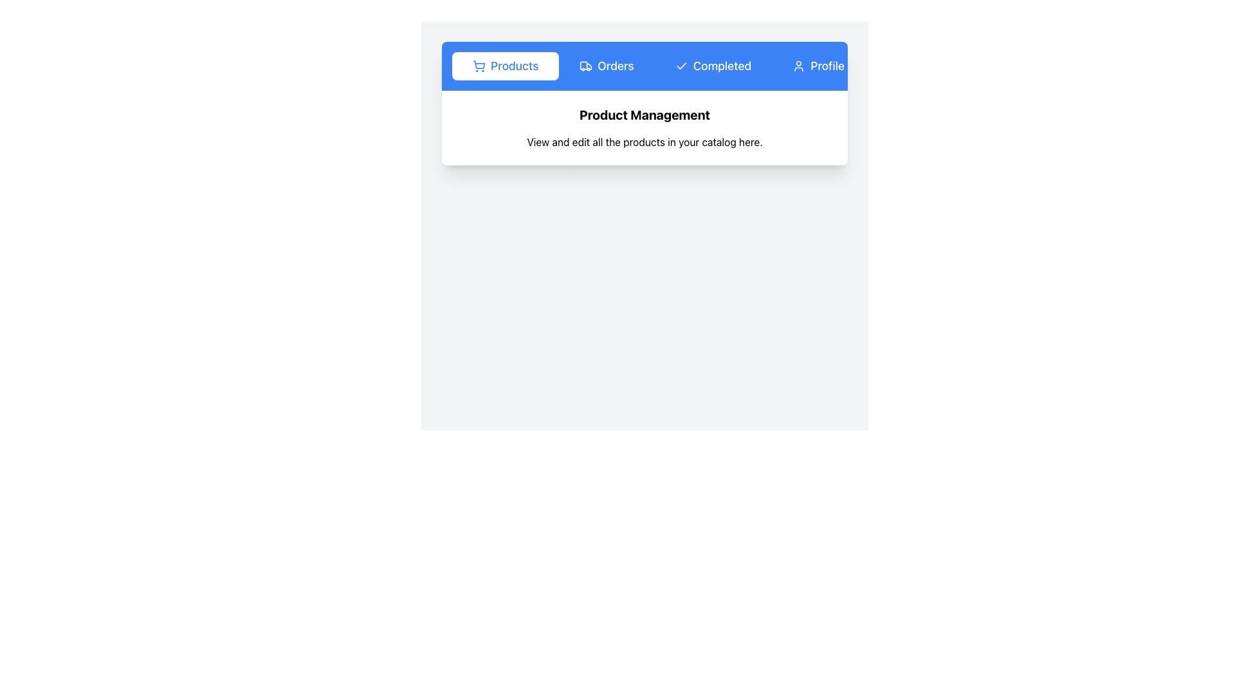  Describe the element at coordinates (681, 66) in the screenshot. I see `the icon representing the completed status located in the navigation bar next to the 'Completed' label to interact with the 'Completed' option` at that location.